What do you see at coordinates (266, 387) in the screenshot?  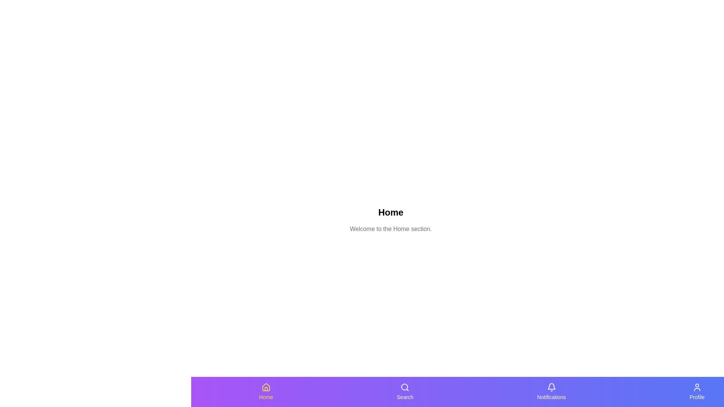 I see `the house icon, which is the first icon on the left` at bounding box center [266, 387].